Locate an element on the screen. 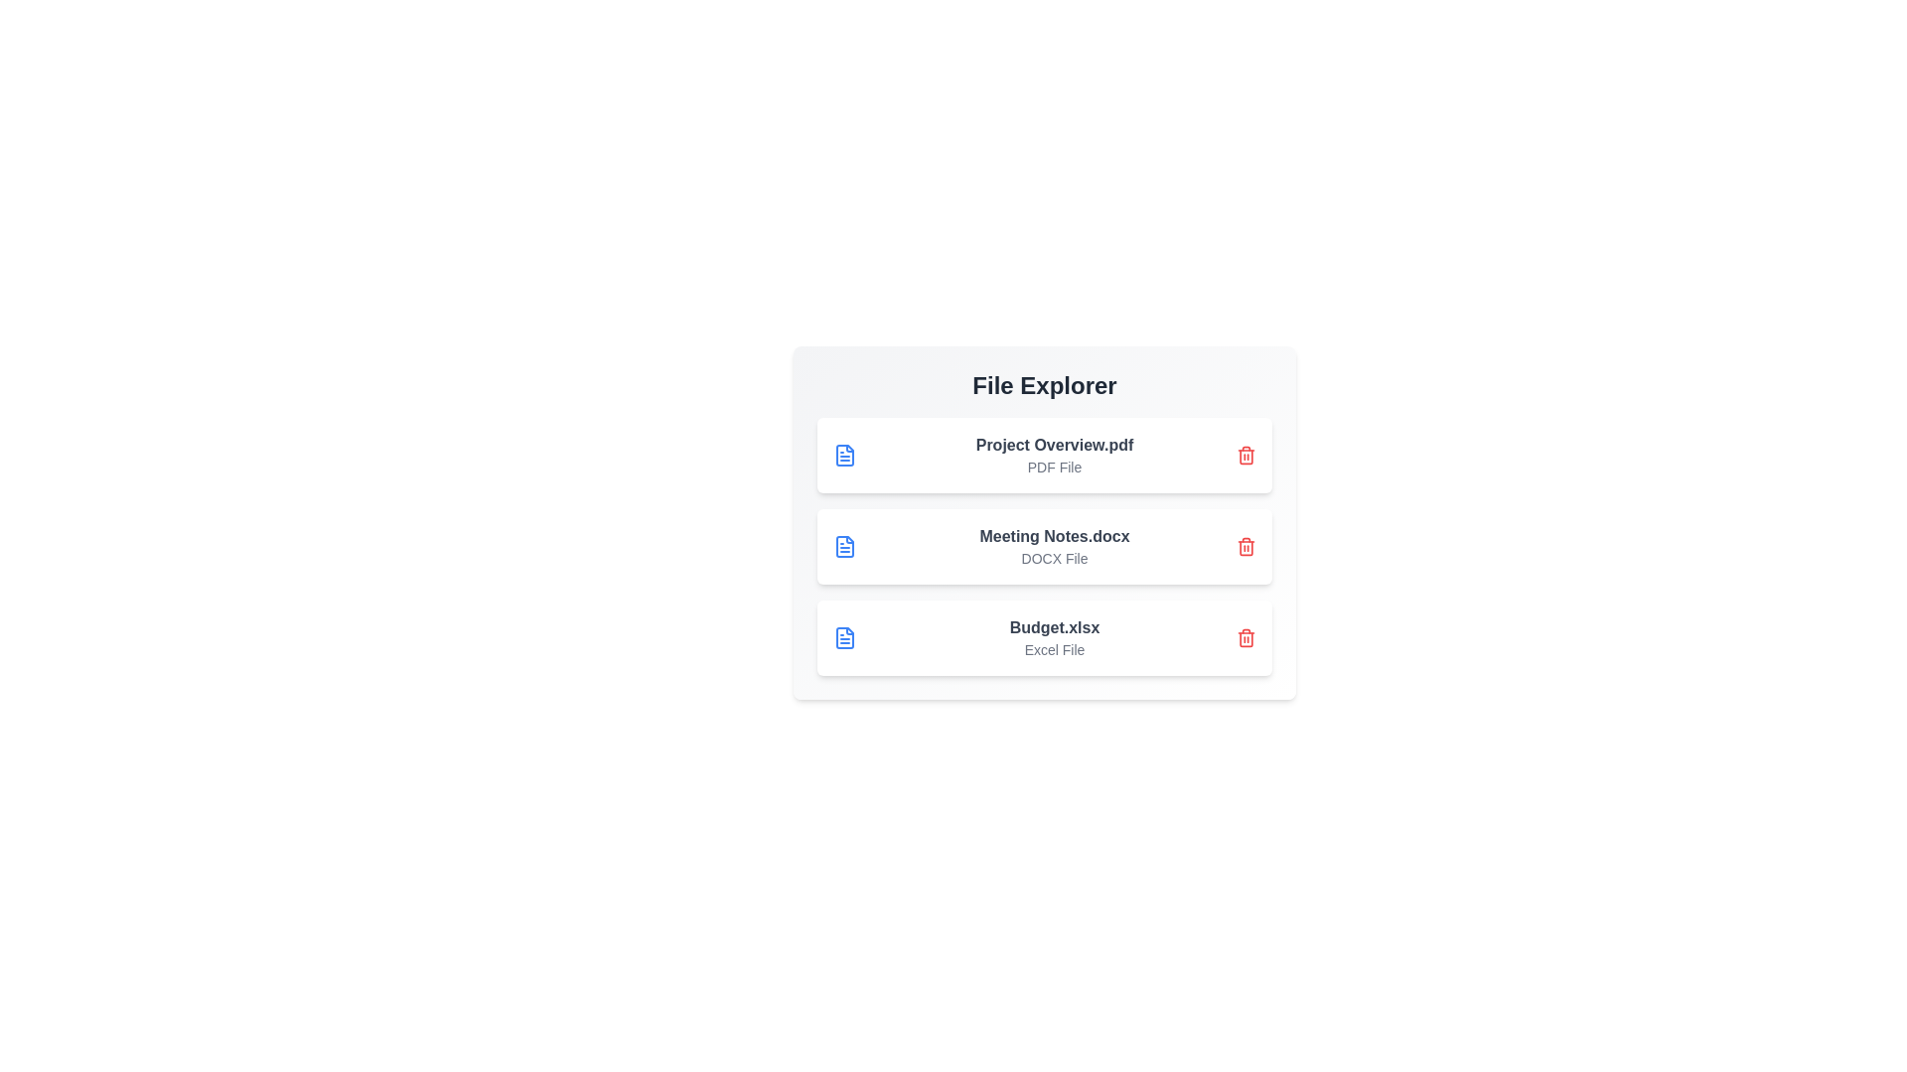 This screenshot has height=1072, width=1907. delete button for the file named Meeting Notes.docx is located at coordinates (1245, 547).